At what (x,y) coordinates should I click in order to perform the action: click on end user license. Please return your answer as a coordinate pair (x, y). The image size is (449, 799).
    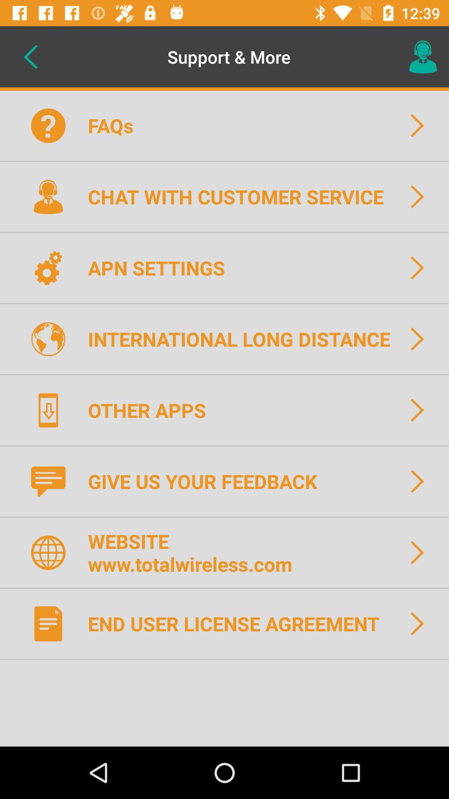
    Looking at the image, I should click on (239, 623).